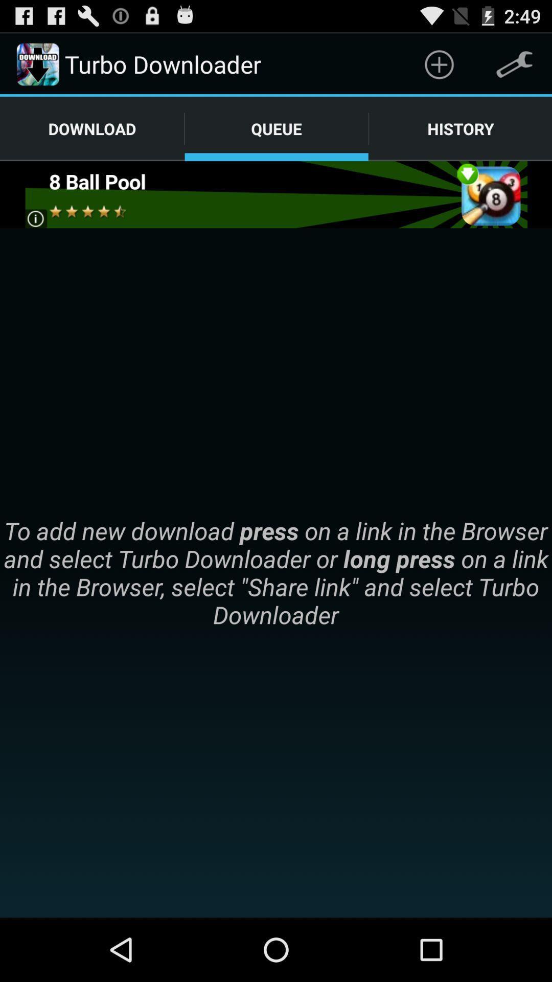 The height and width of the screenshot is (982, 552). I want to click on 8ballpool, so click(275, 194).